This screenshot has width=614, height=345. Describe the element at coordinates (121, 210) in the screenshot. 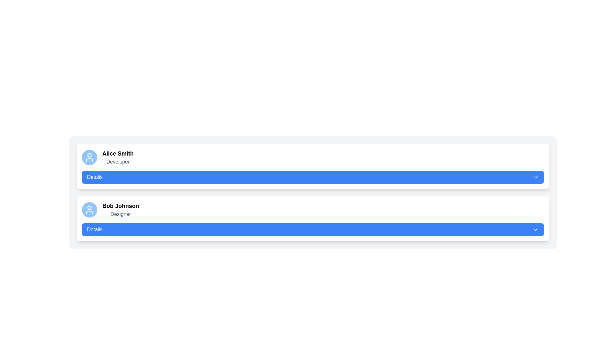

I see `the Text Display Block displaying 'Bob Johnson' and 'Designer', located in the second card to the right of the circular user icon` at that location.